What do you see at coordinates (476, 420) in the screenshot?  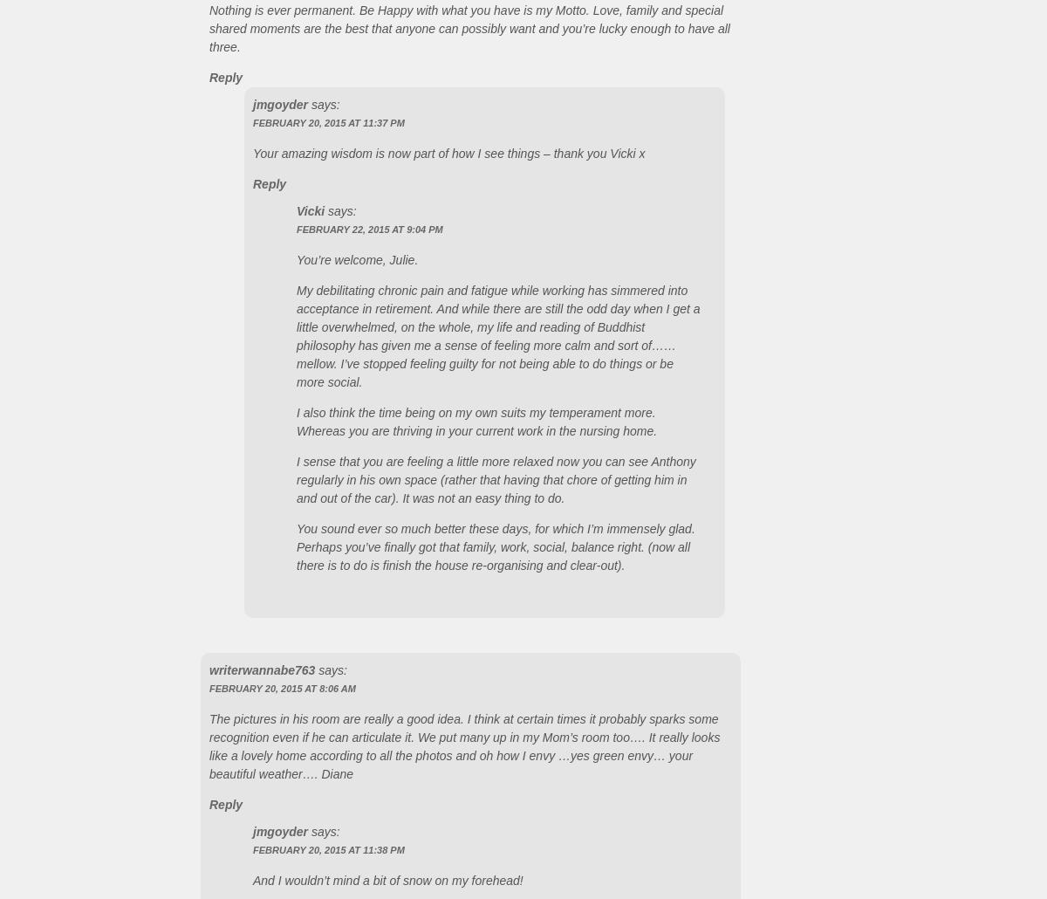 I see `'I also think the time being on my own suits my temperament more.  Whereas you are thriving in your current work in the nursing home.'` at bounding box center [476, 420].